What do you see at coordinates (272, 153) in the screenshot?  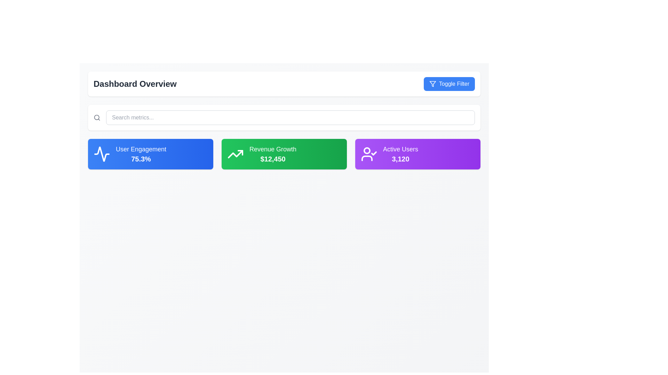 I see `the financial performance metric text display showing revenue growth value ($12,450) for drill-down` at bounding box center [272, 153].